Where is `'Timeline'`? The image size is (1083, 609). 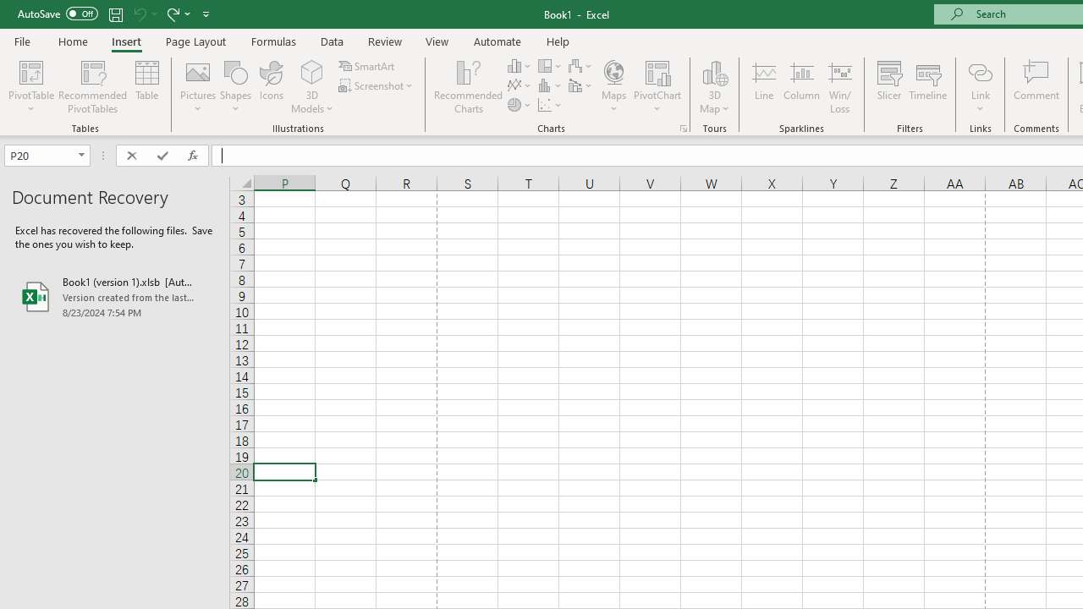
'Timeline' is located at coordinates (927, 87).